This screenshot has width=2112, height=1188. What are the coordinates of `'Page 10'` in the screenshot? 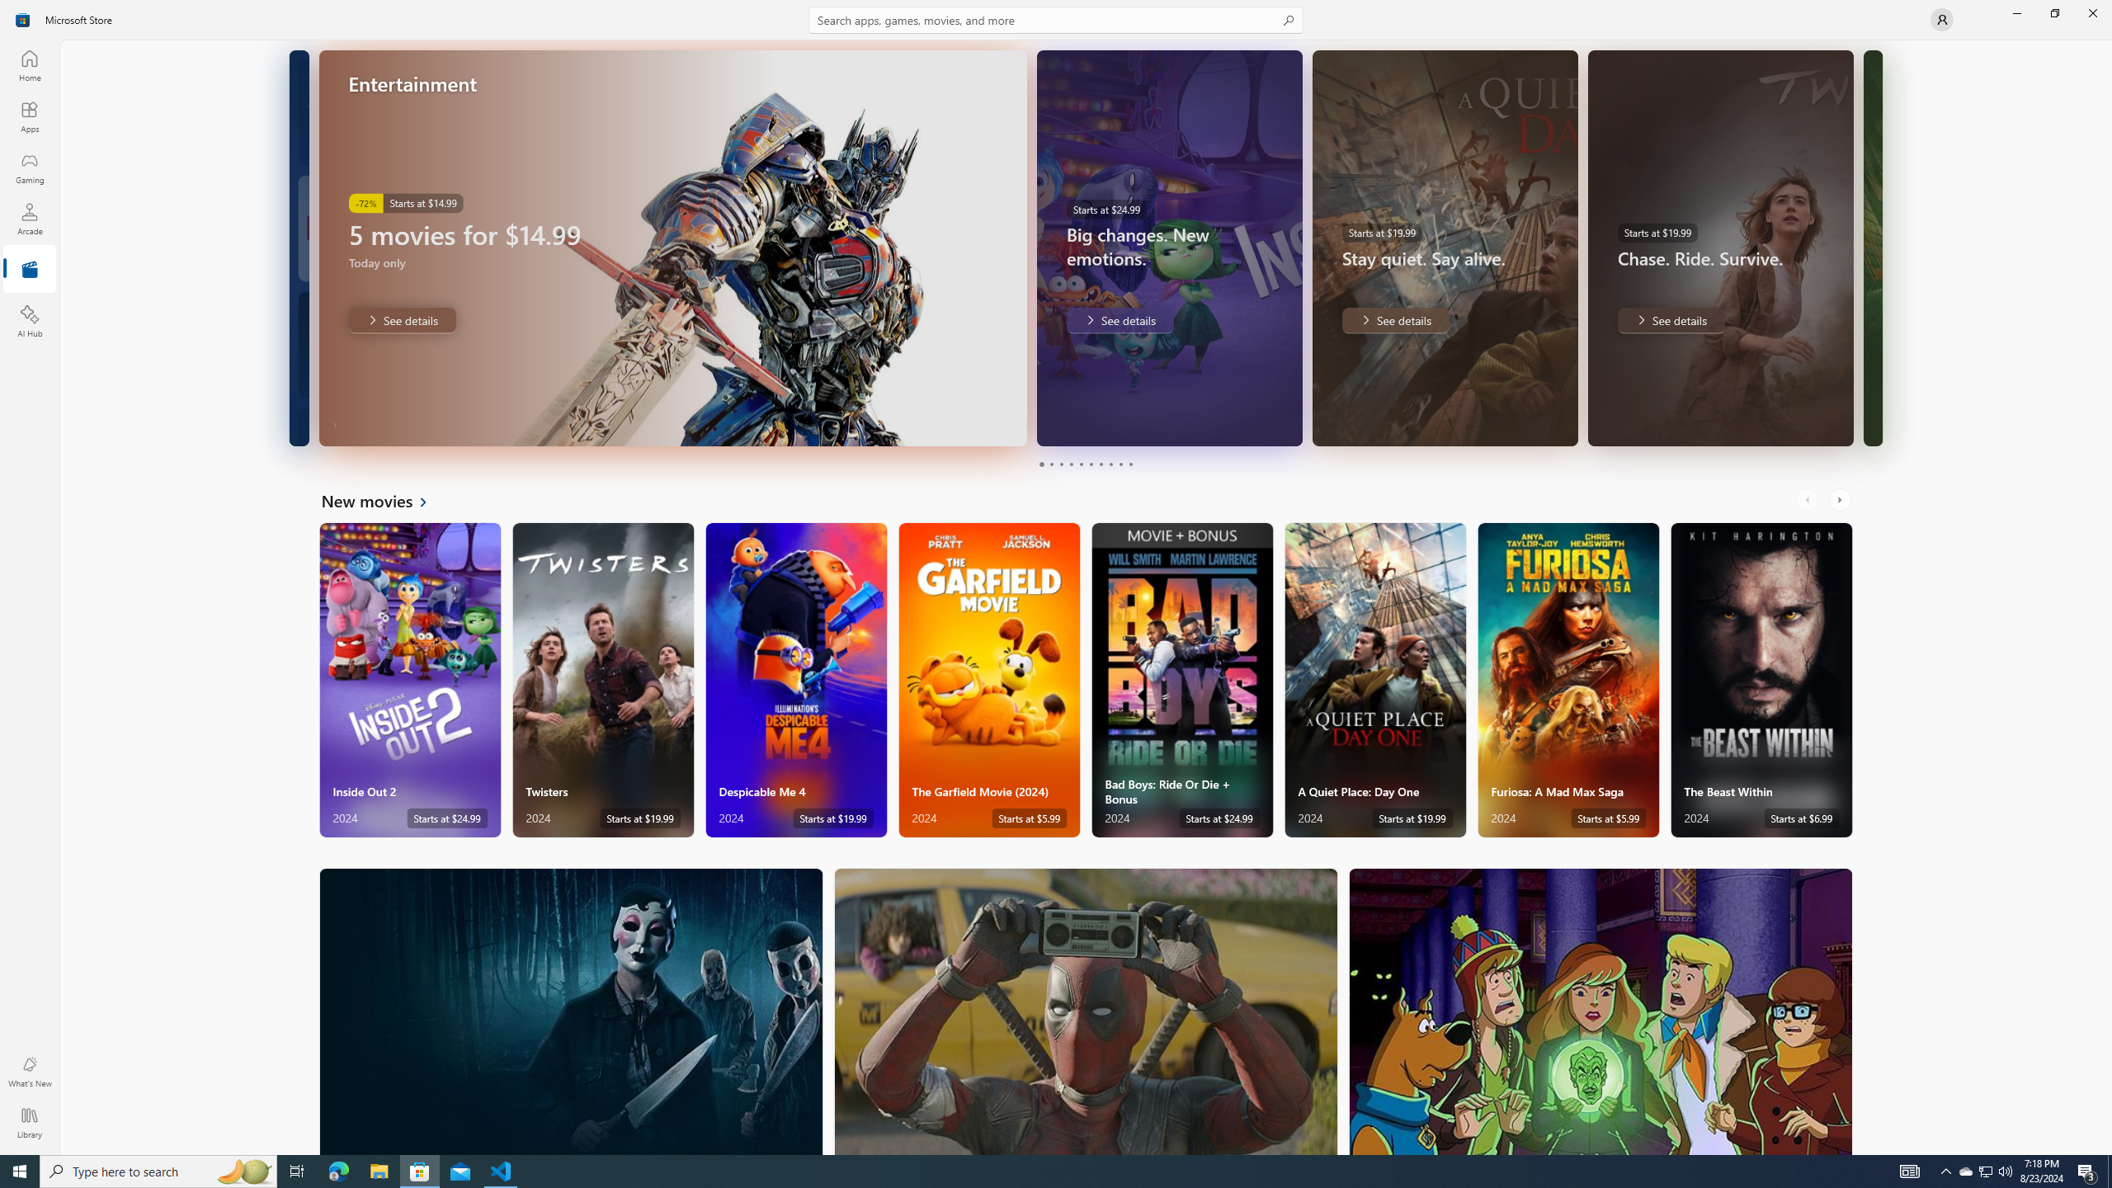 It's located at (1129, 464).